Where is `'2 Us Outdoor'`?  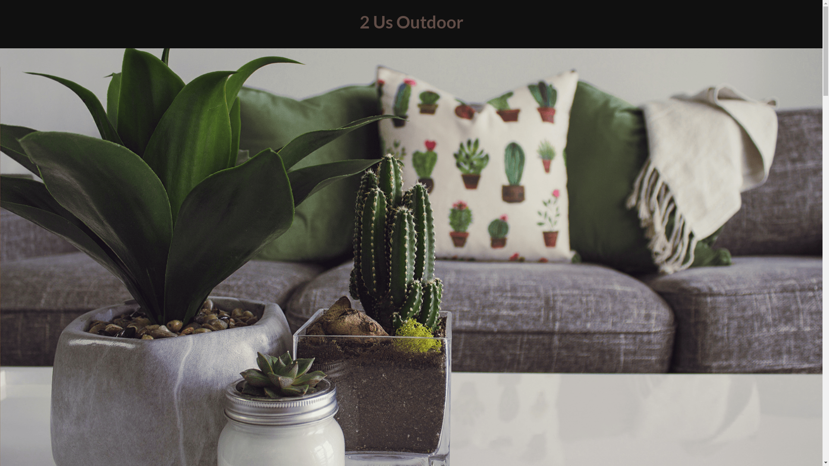 '2 Us Outdoor' is located at coordinates (410, 21).